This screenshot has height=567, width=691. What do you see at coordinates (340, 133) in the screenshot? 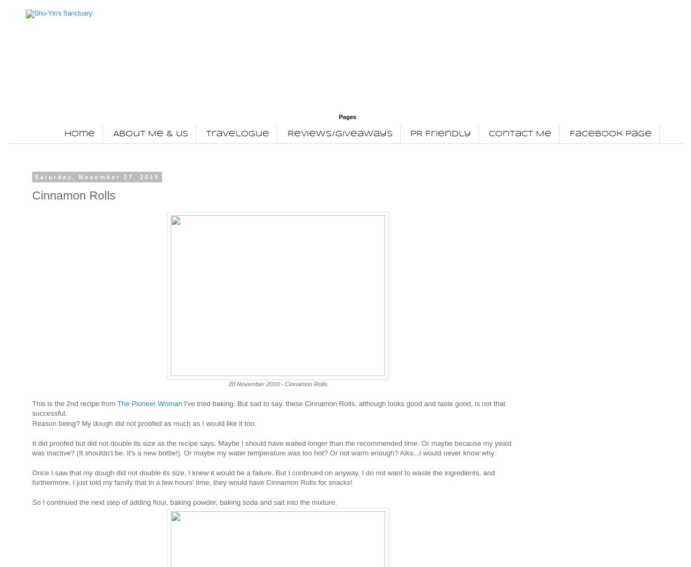
I see `'Reviews/Giveaways'` at bounding box center [340, 133].